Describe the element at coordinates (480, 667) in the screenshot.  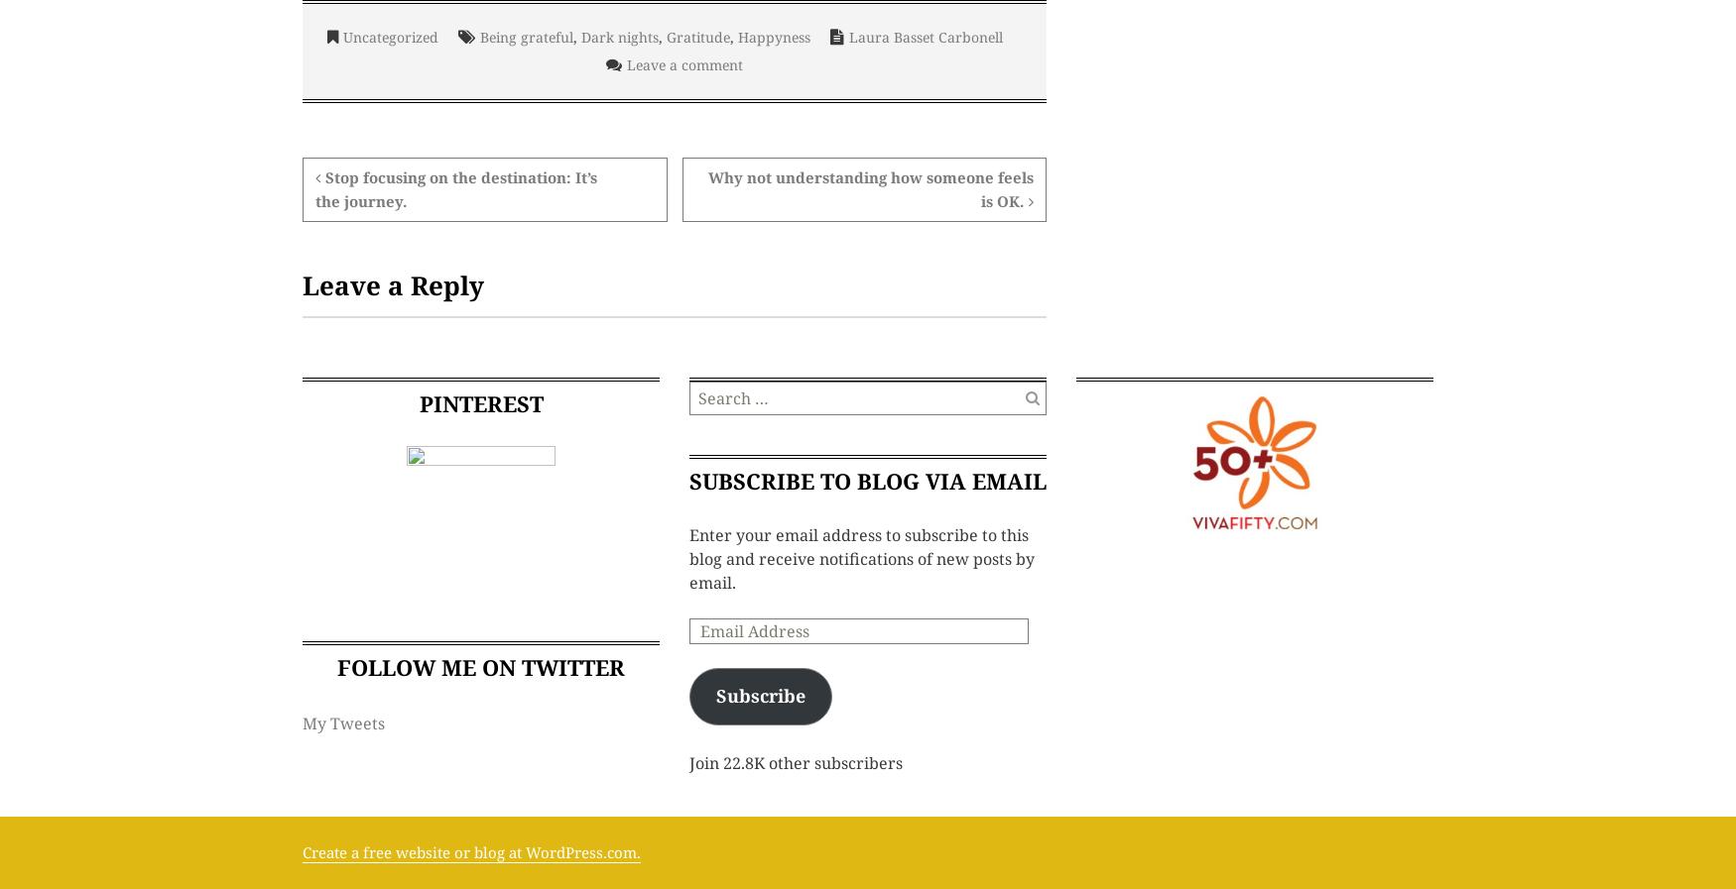
I see `'Follow me on Twitter'` at that location.